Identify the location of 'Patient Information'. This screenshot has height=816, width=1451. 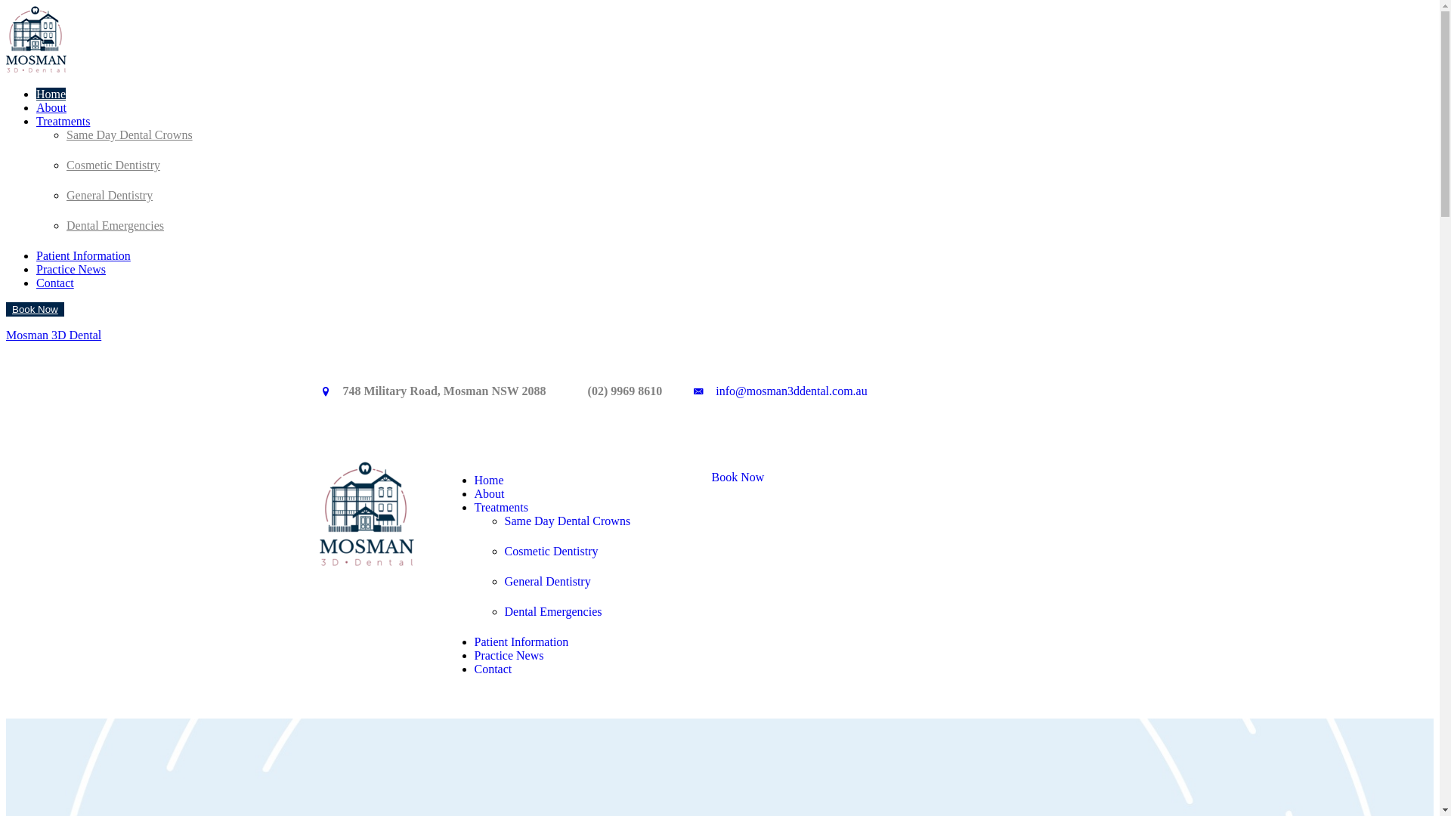
(82, 255).